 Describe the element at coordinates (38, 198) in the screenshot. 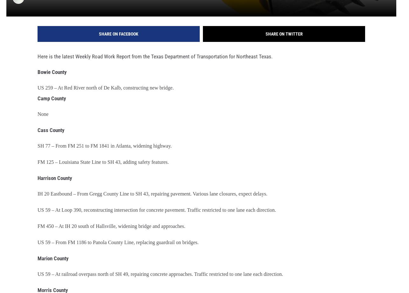

I see `'IH 20 Eastbound – From Gregg County Line to SH 43, repairing pavement. Various lane closures, expect delays.'` at that location.